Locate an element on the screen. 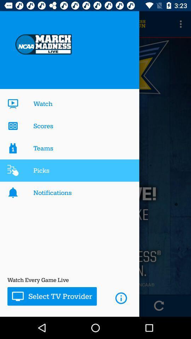 The width and height of the screenshot is (191, 339). the close icon is located at coordinates (31, 305).